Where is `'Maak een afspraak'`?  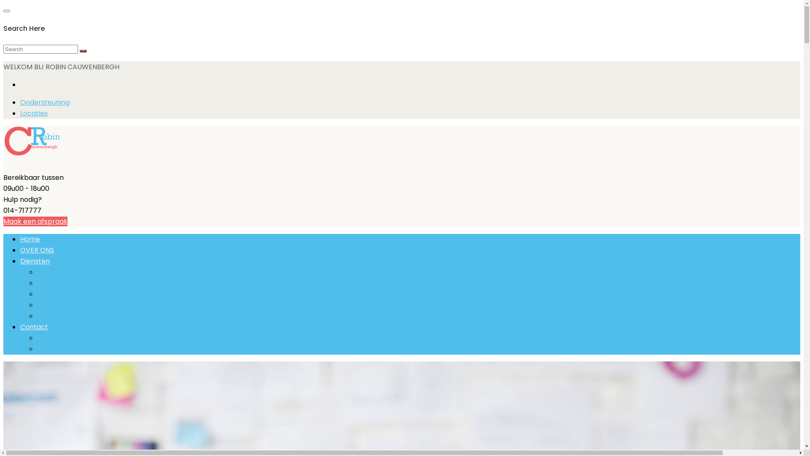
'Maak een afspraak' is located at coordinates (69, 349).